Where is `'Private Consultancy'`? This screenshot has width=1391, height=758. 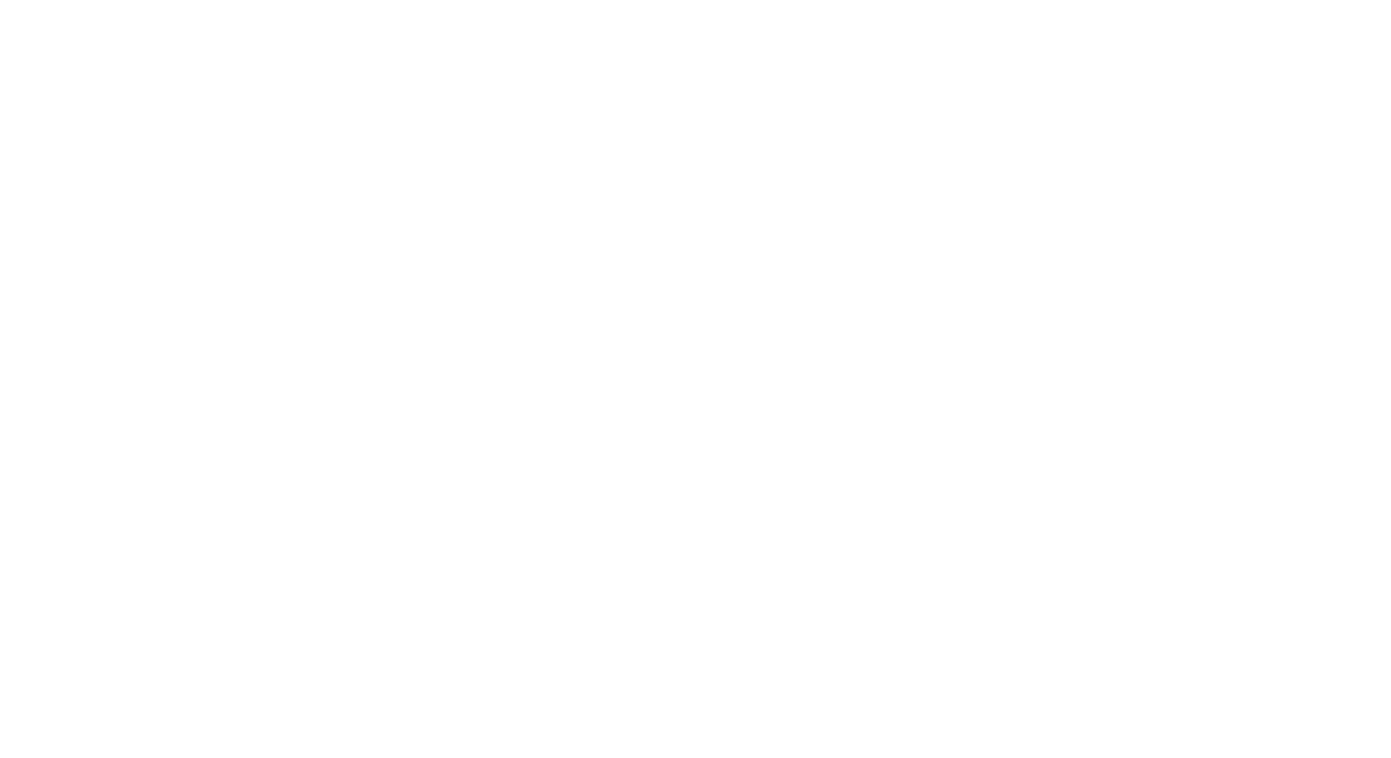
'Private Consultancy' is located at coordinates (897, 494).